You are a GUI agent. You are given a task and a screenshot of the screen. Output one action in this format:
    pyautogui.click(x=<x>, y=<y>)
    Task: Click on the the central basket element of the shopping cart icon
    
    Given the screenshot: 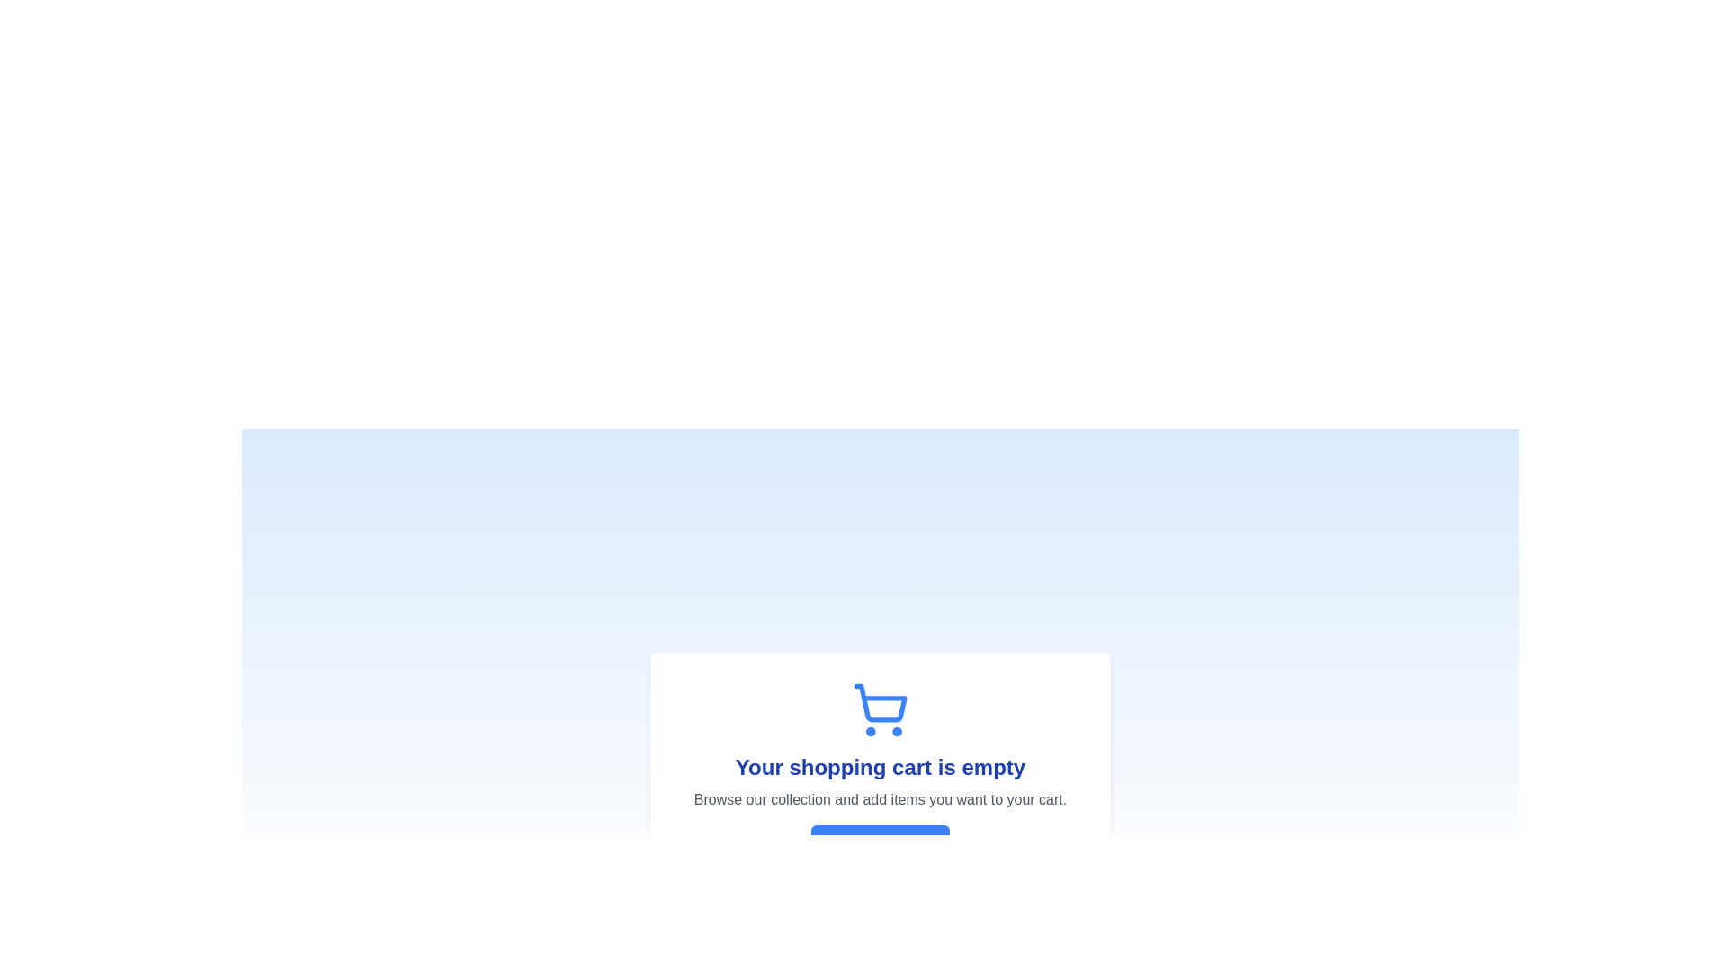 What is the action you would take?
    pyautogui.click(x=881, y=702)
    